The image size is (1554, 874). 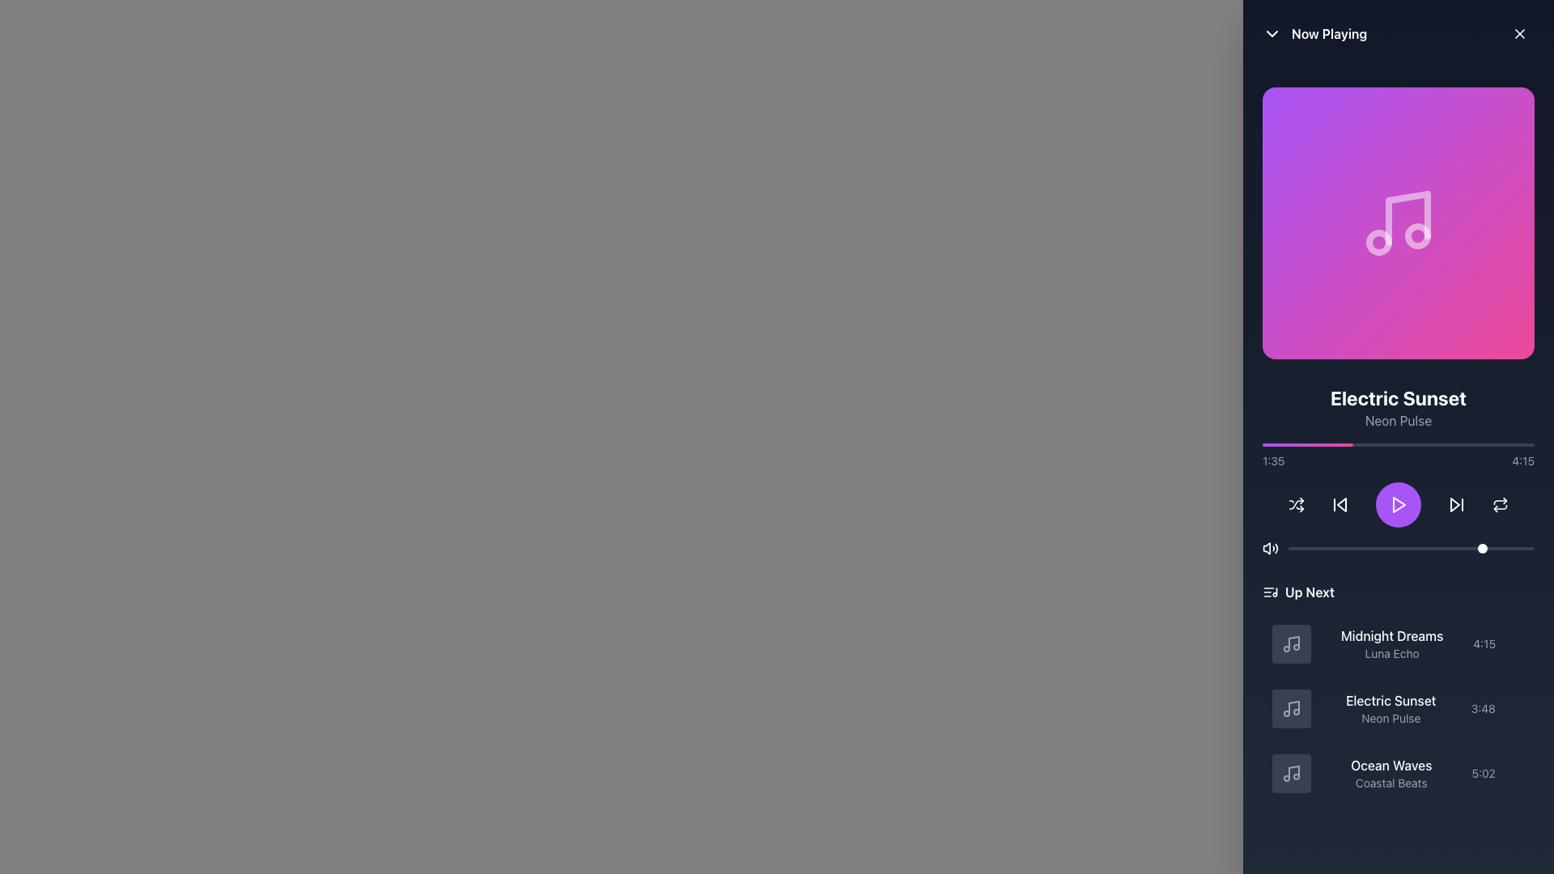 What do you see at coordinates (1398, 504) in the screenshot?
I see `the central play button, which is a purple circular icon resembling a triangle pointing to the right` at bounding box center [1398, 504].